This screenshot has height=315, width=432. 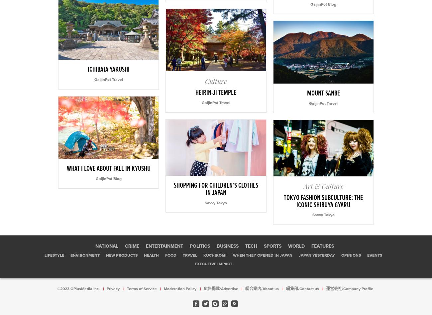 What do you see at coordinates (142, 288) in the screenshot?
I see `'Terms of Service'` at bounding box center [142, 288].